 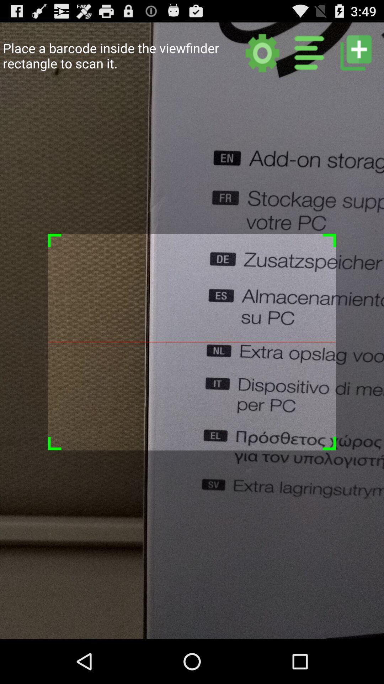 I want to click on barcode scanner settings, so click(x=262, y=52).